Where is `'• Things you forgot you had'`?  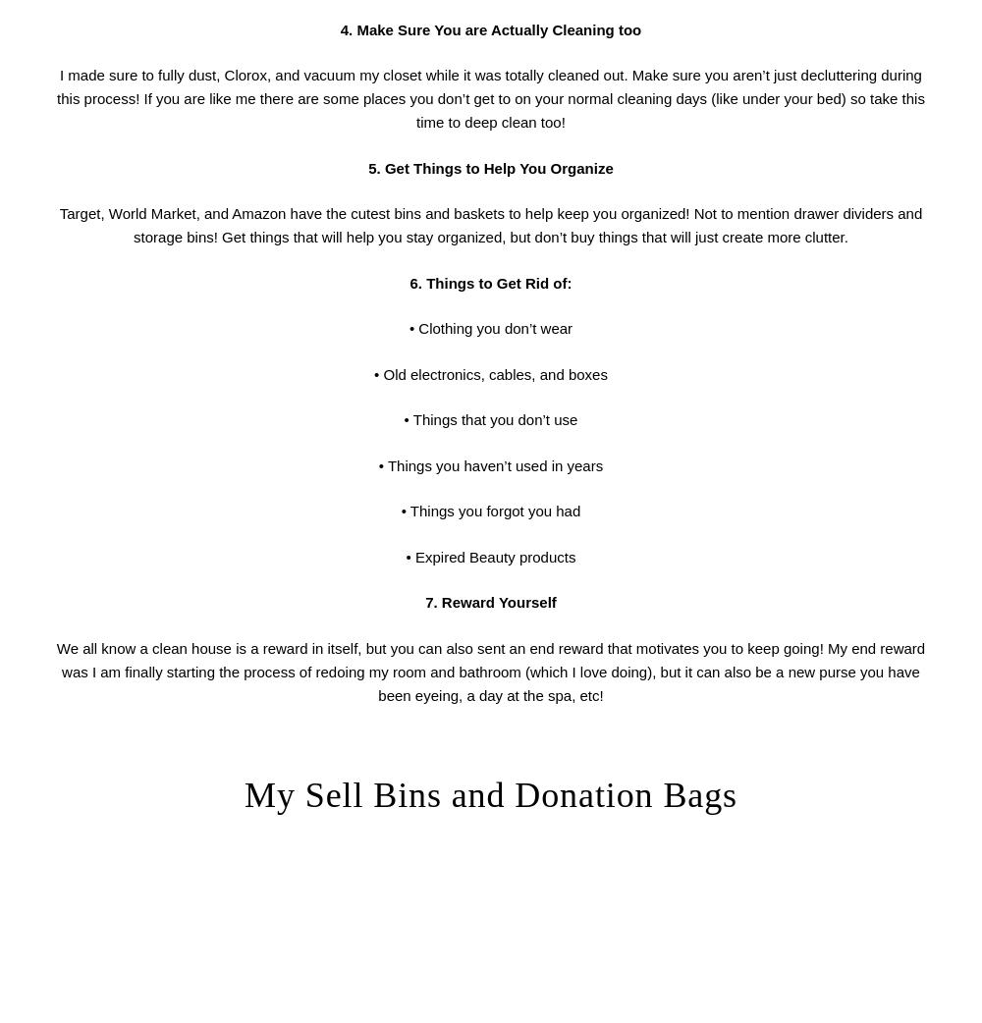 '• Things you forgot you had' is located at coordinates (489, 511).